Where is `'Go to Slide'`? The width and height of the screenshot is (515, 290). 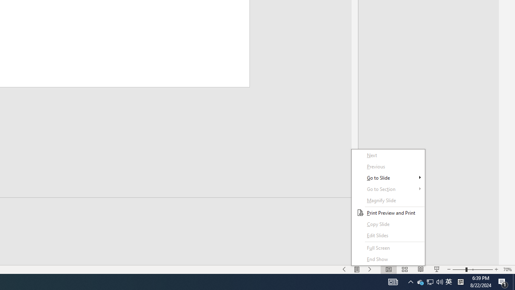 'Go to Slide' is located at coordinates (388, 166).